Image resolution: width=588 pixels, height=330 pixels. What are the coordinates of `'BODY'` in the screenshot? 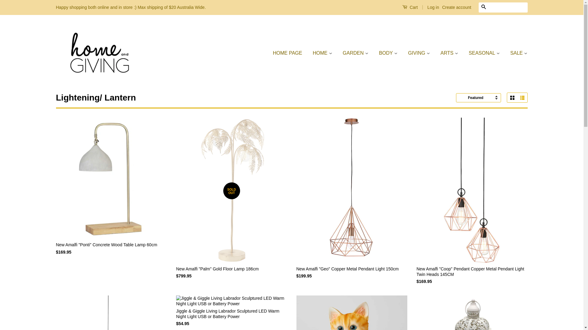 It's located at (388, 53).